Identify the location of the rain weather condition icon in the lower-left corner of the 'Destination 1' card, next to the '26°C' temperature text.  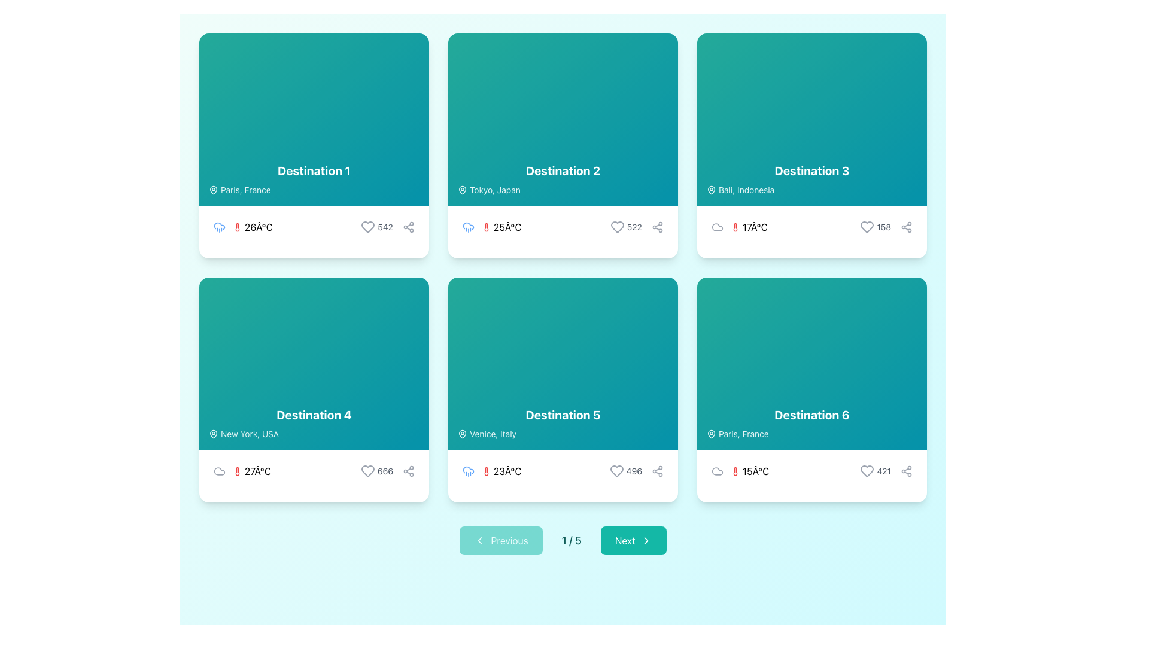
(467, 226).